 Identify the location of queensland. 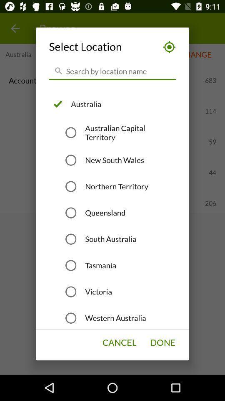
(105, 212).